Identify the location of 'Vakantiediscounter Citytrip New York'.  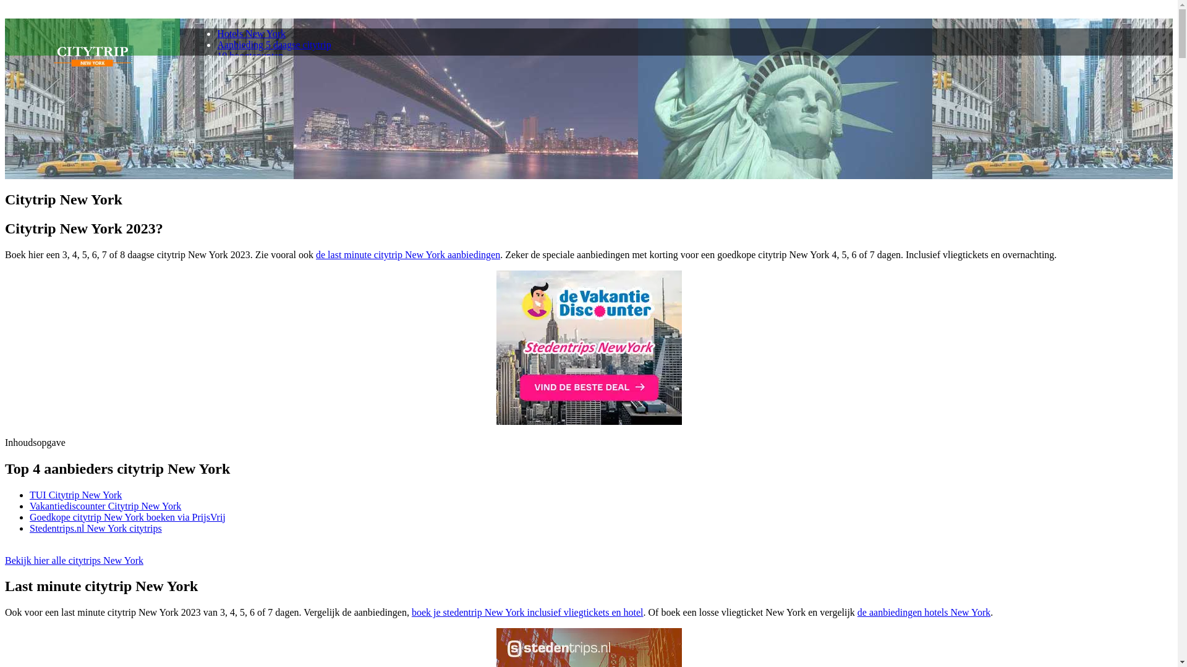
(105, 506).